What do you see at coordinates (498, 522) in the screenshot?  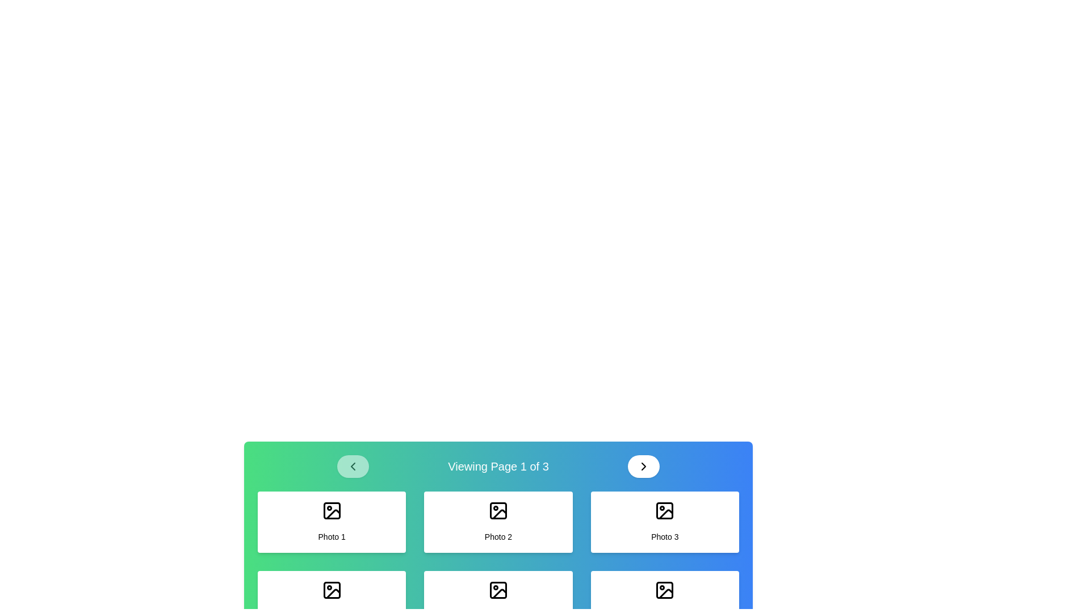 I see `the second card in the first row of the grid layout` at bounding box center [498, 522].